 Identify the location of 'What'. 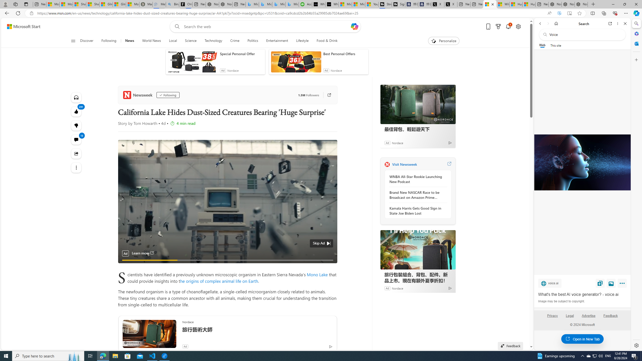
(582, 162).